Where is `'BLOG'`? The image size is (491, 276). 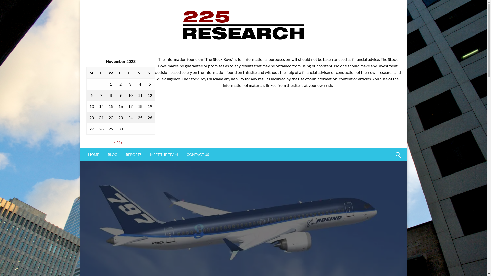 'BLOG' is located at coordinates (112, 154).